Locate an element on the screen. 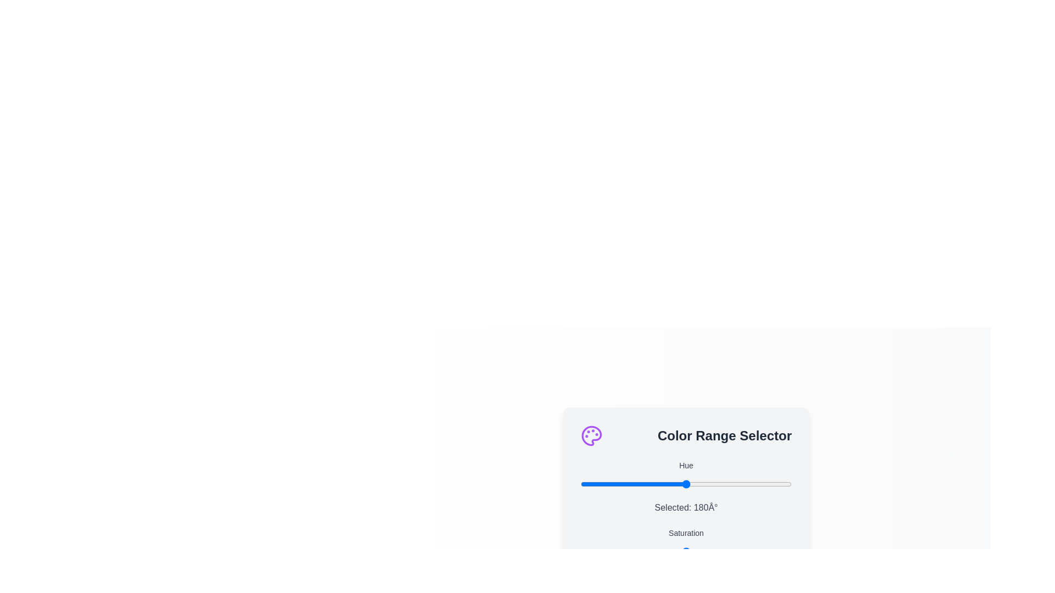 The height and width of the screenshot is (593, 1055). the hue is located at coordinates (736, 483).